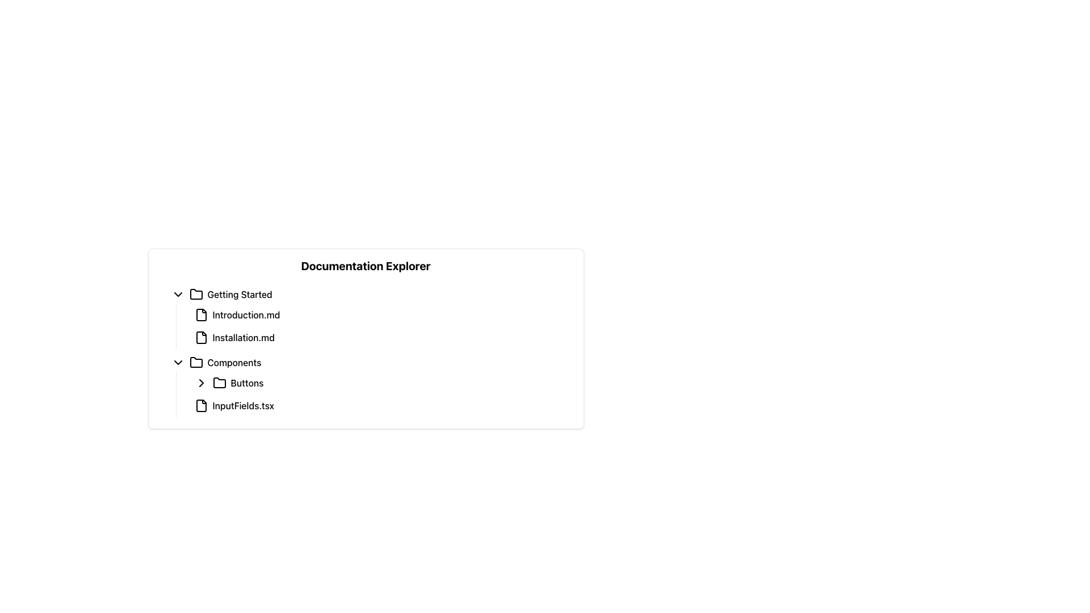 Image resolution: width=1090 pixels, height=613 pixels. I want to click on the 'Components' folder, so click(370, 363).